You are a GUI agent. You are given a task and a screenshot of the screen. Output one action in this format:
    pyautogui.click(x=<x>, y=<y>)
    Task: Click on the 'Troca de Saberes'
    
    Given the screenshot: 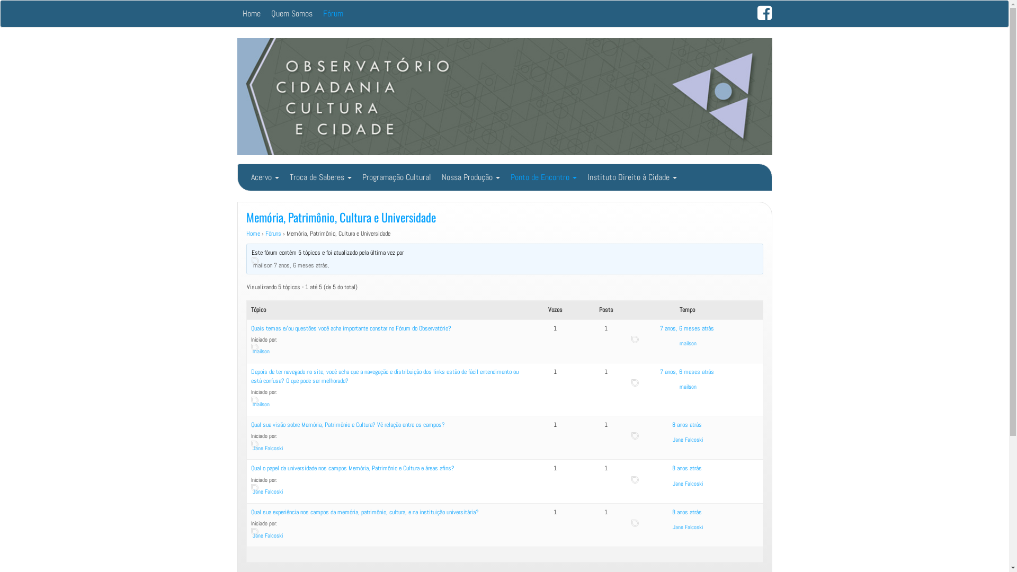 What is the action you would take?
    pyautogui.click(x=319, y=177)
    